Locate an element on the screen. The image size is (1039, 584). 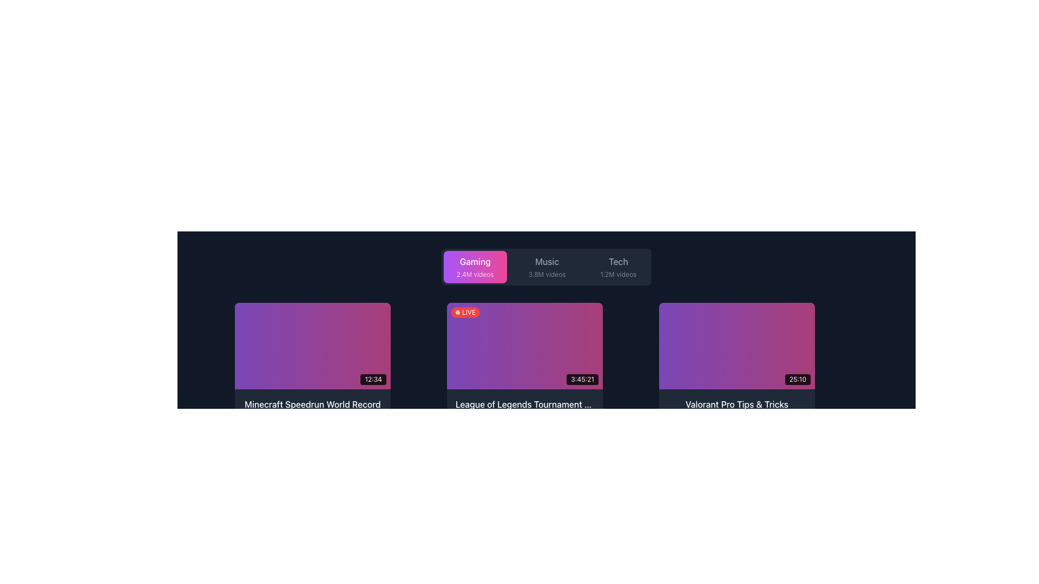
text content of the 'Tech' label which shows '1.2M videos' and is the third element in a horizontal group of three labels is located at coordinates (618, 267).